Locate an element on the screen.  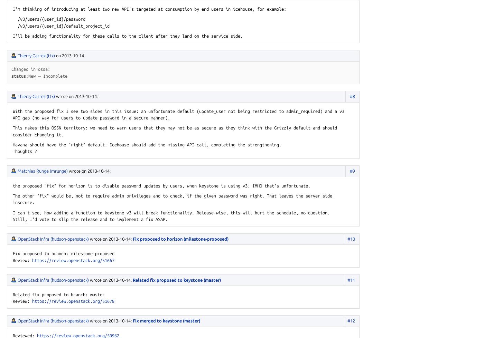
'the proposed "fix" for horizon is to disable password updates by users, when keystone is using v3. IMHO that's unfortunate.' is located at coordinates (161, 185).